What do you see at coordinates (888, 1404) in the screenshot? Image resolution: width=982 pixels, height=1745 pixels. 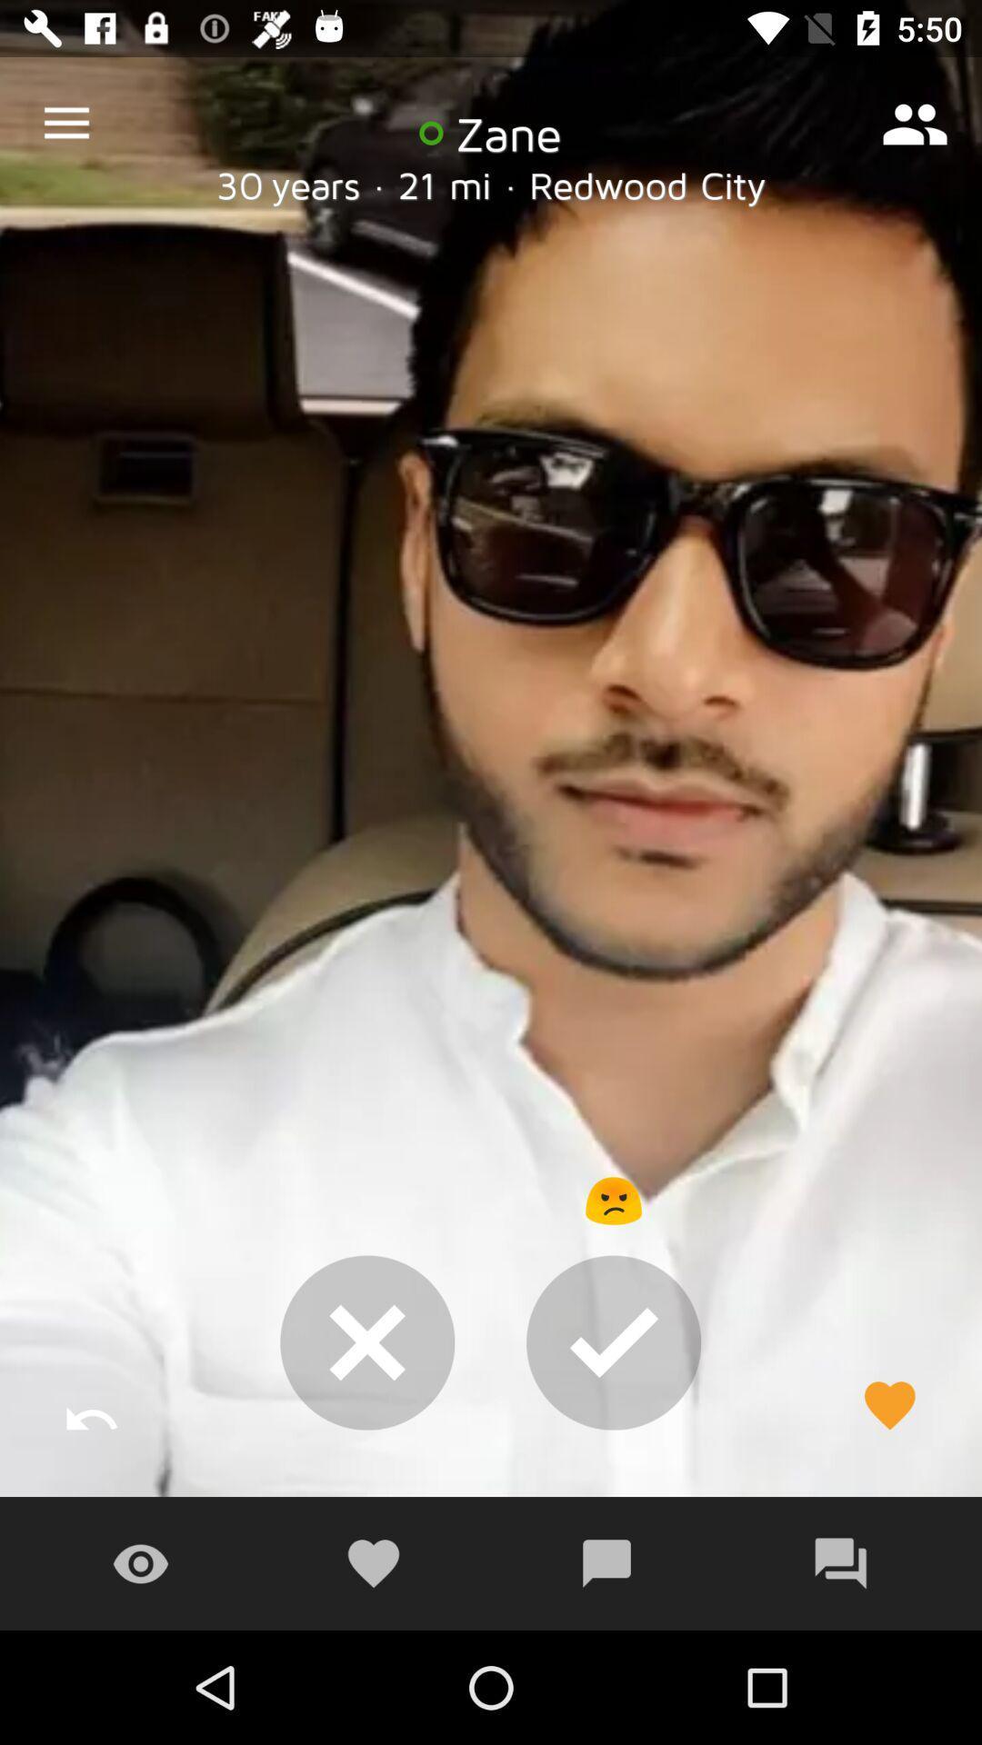 I see `the favorite icon` at bounding box center [888, 1404].